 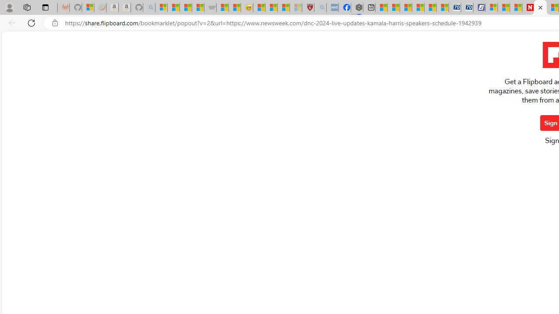 What do you see at coordinates (527, 7) in the screenshot?
I see `'Newsweek - News, Analysis, Politics, Business, Technology'` at bounding box center [527, 7].